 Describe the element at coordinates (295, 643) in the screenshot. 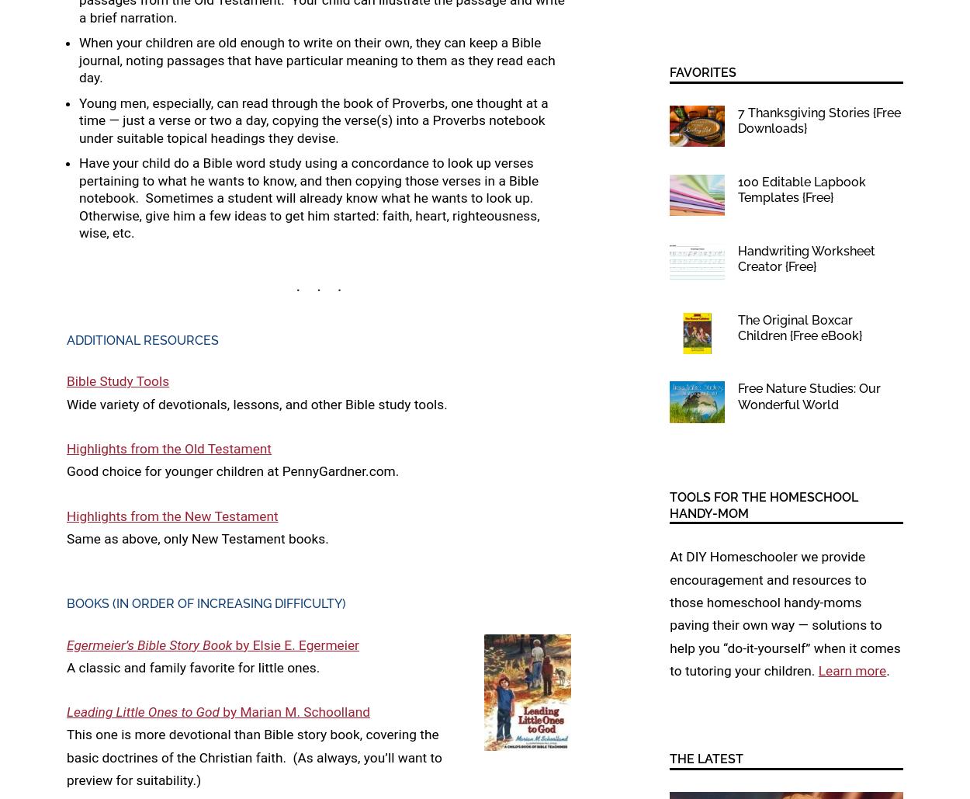

I see `'by Elsie E. Egermeier'` at that location.